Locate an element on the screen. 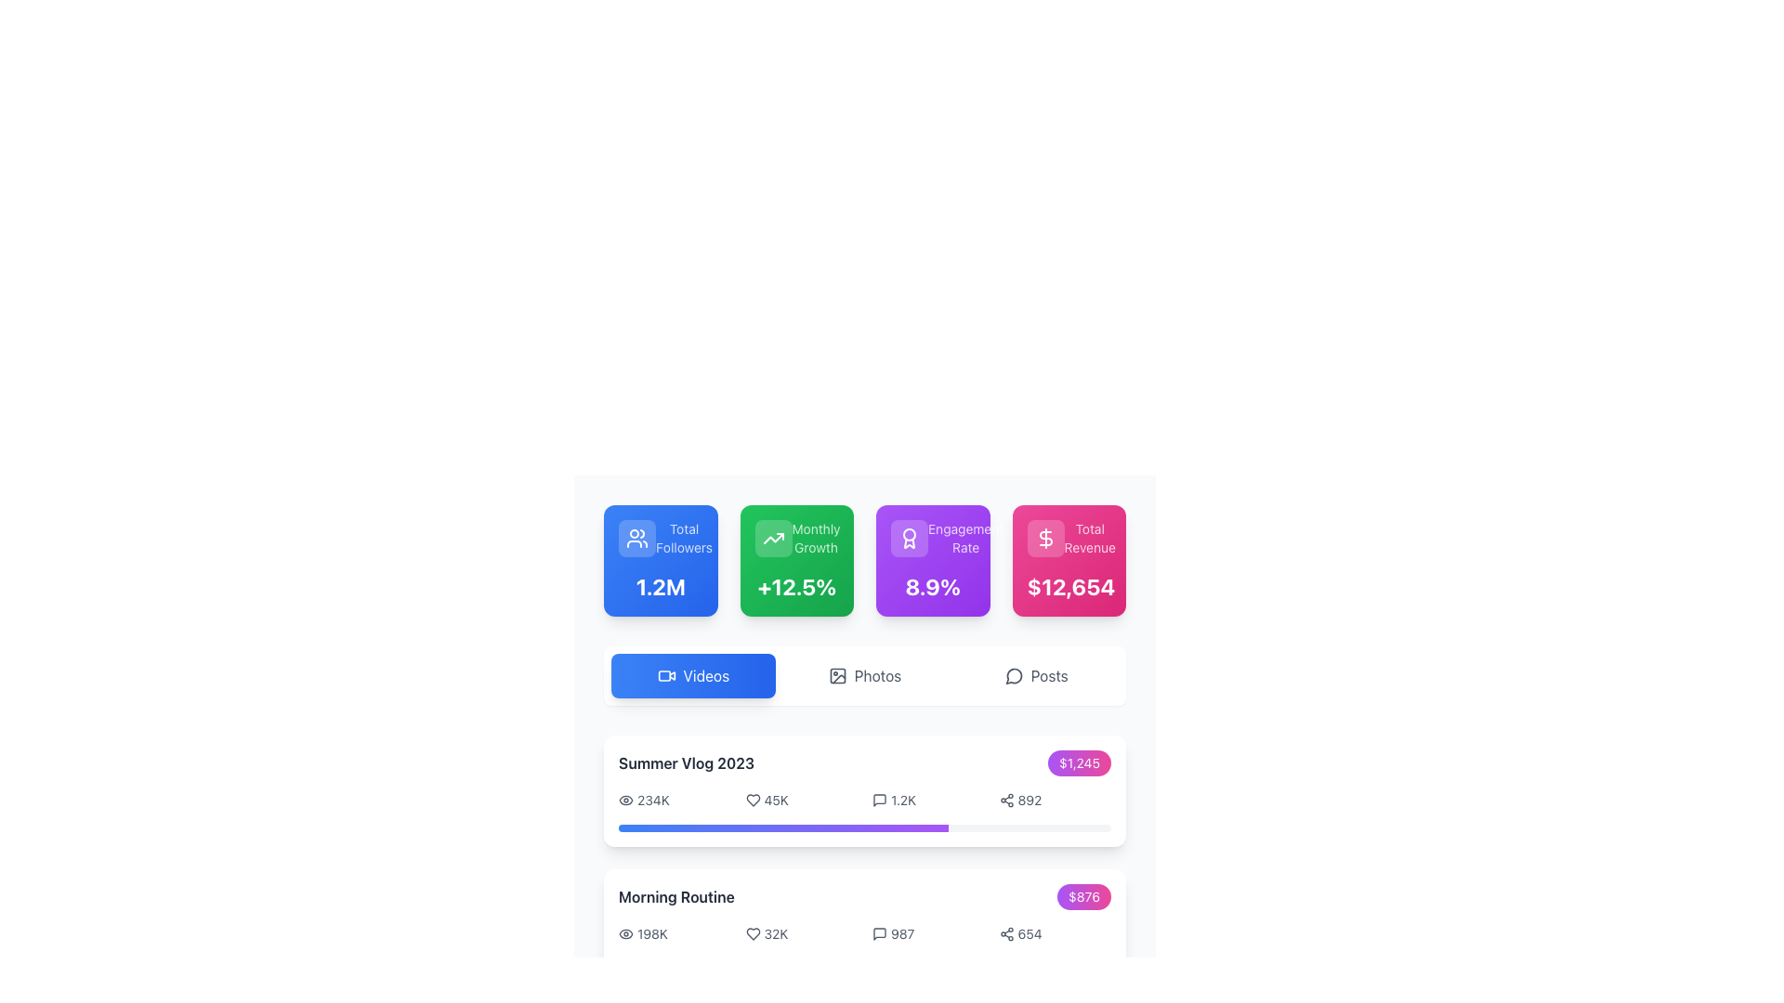  the progress bar indicating the completion percentage under the 'Summer Vlog 2023' section is located at coordinates (783, 827).